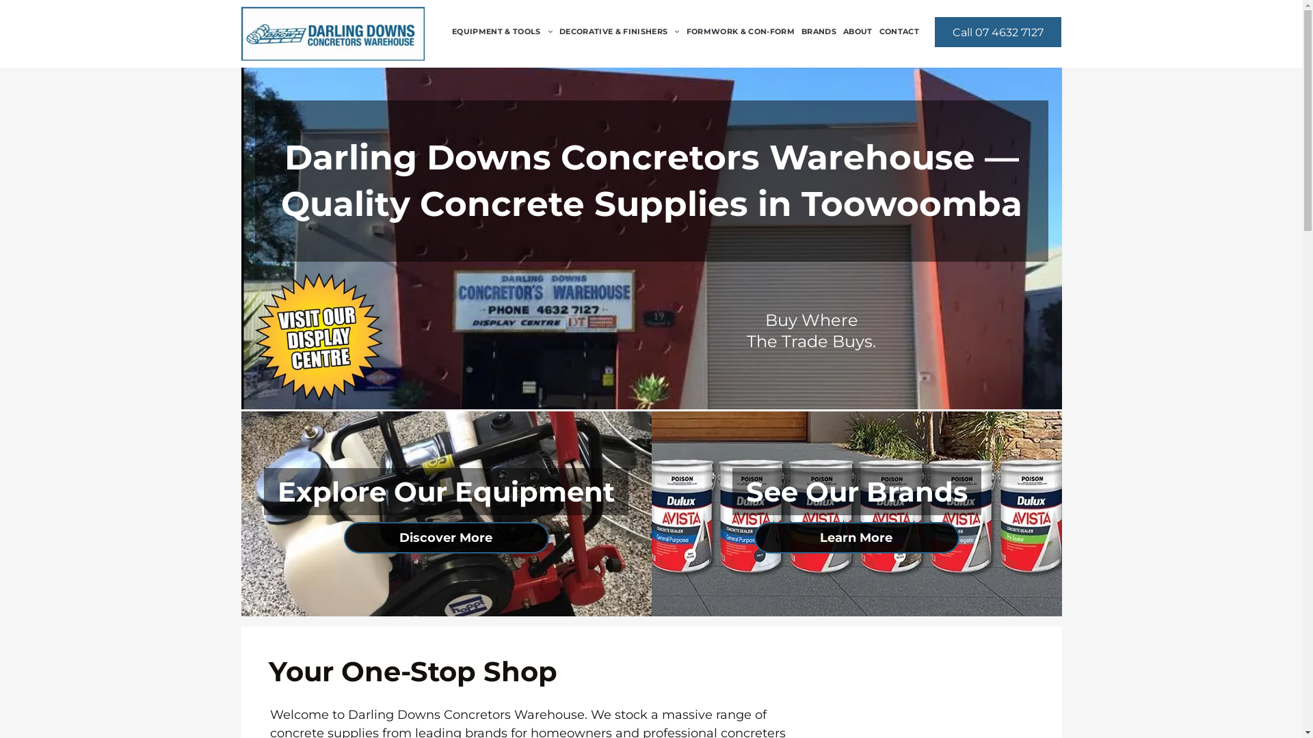 The image size is (1313, 738). What do you see at coordinates (317, 337) in the screenshot?
I see `'Visit Our Display Store'` at bounding box center [317, 337].